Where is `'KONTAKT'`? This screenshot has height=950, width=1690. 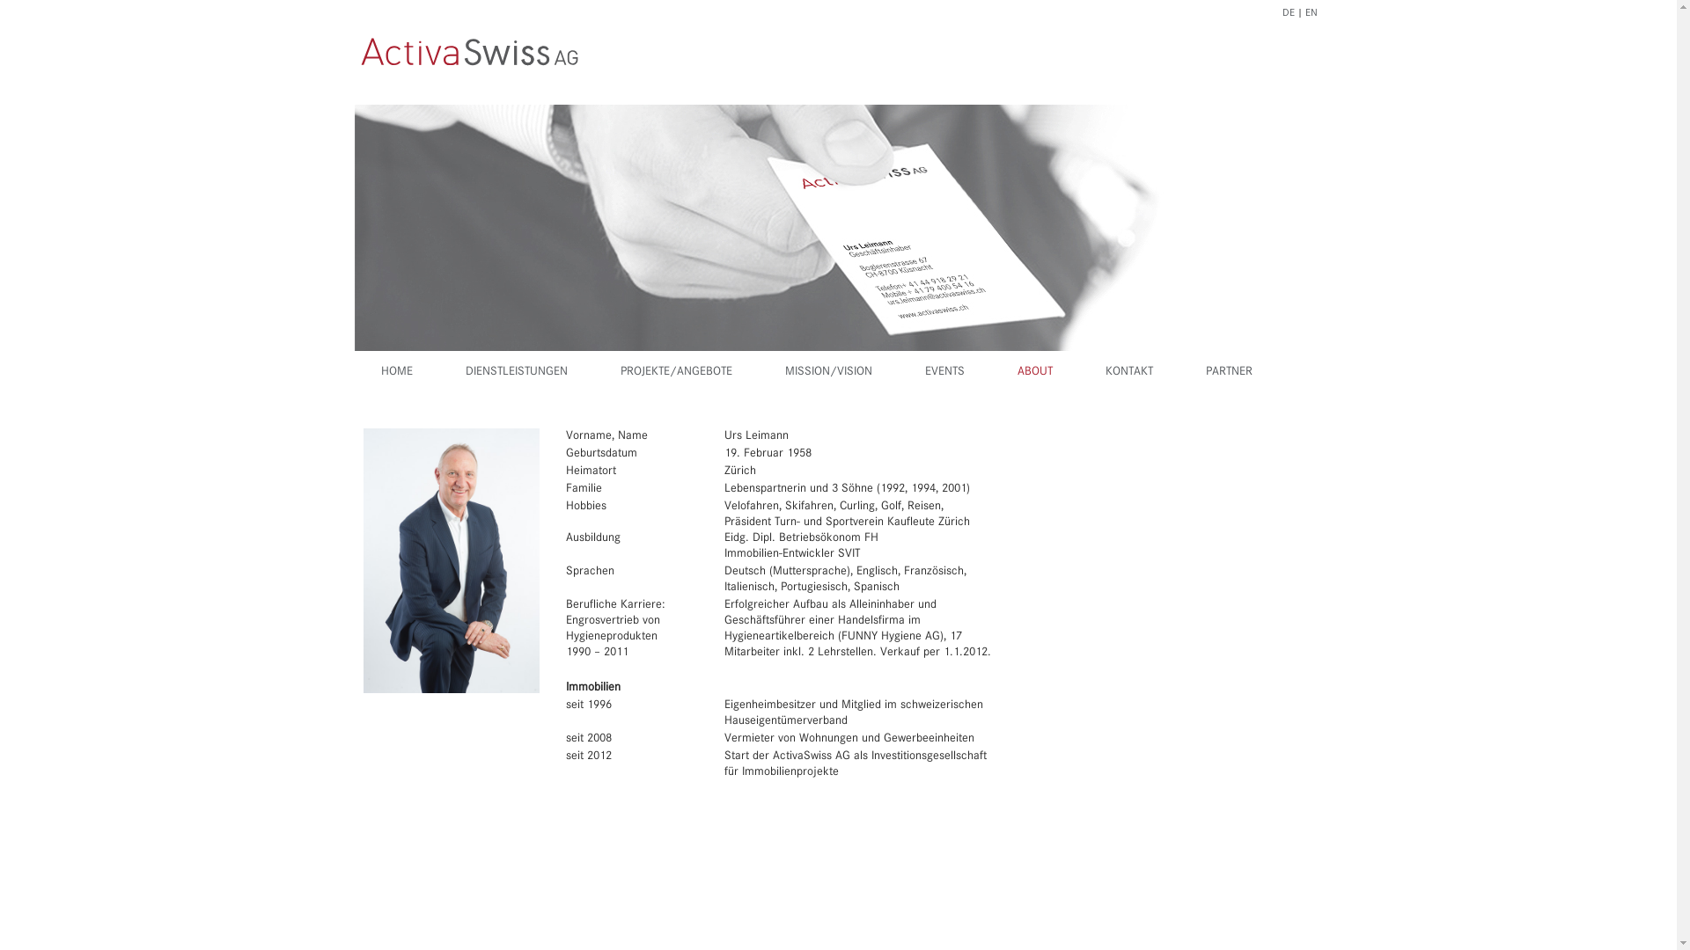 'KONTAKT' is located at coordinates (1128, 371).